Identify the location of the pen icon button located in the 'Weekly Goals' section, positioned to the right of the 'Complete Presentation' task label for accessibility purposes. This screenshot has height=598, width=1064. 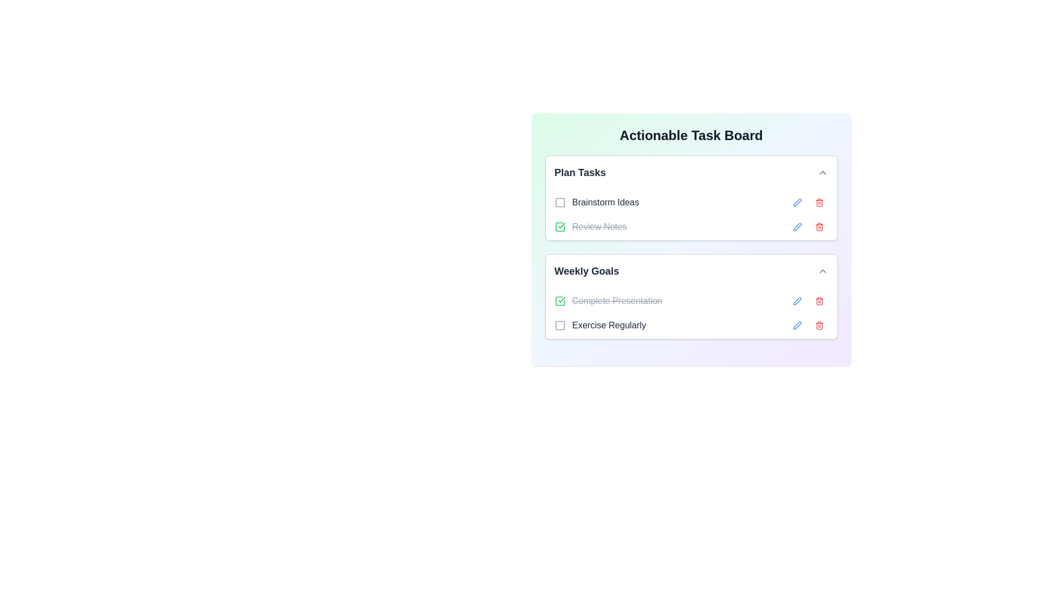
(796, 301).